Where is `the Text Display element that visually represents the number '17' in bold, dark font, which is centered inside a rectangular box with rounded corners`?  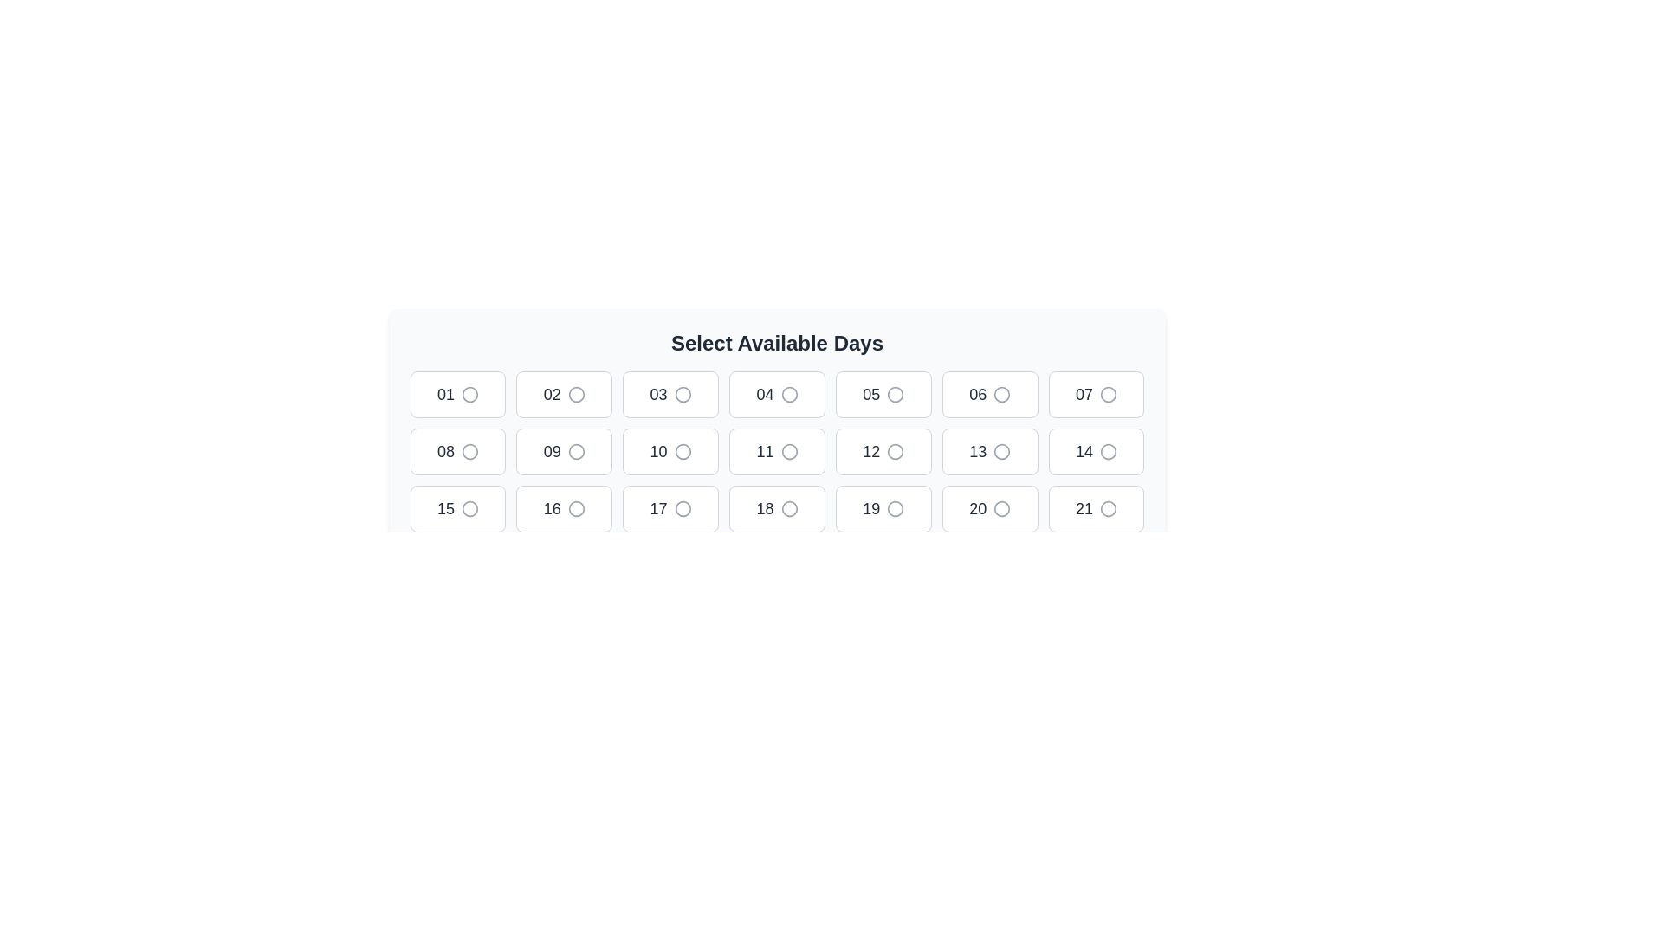
the Text Display element that visually represents the number '17' in bold, dark font, which is centered inside a rectangular box with rounded corners is located at coordinates (657, 507).